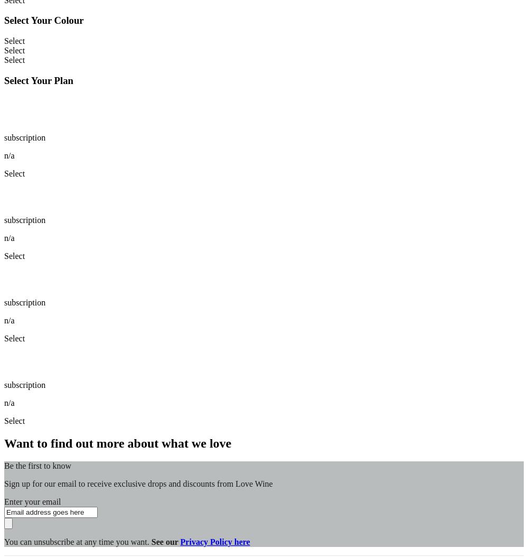 The height and width of the screenshot is (557, 528). Describe the element at coordinates (78, 541) in the screenshot. I see `'You can unsubscribe at any time you want.'` at that location.